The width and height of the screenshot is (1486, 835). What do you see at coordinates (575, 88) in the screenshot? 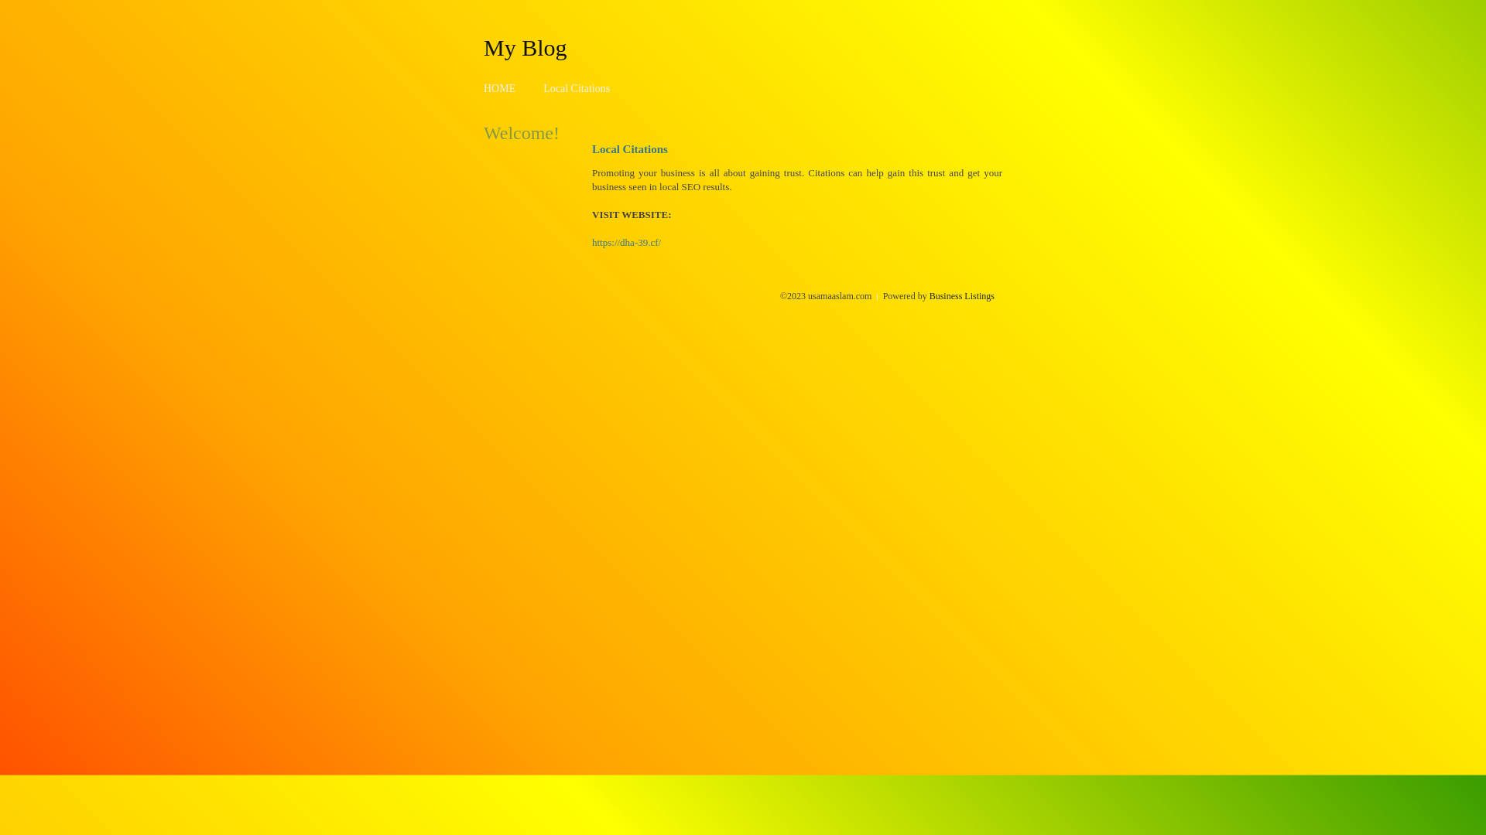
I see `'Local Citations'` at bounding box center [575, 88].